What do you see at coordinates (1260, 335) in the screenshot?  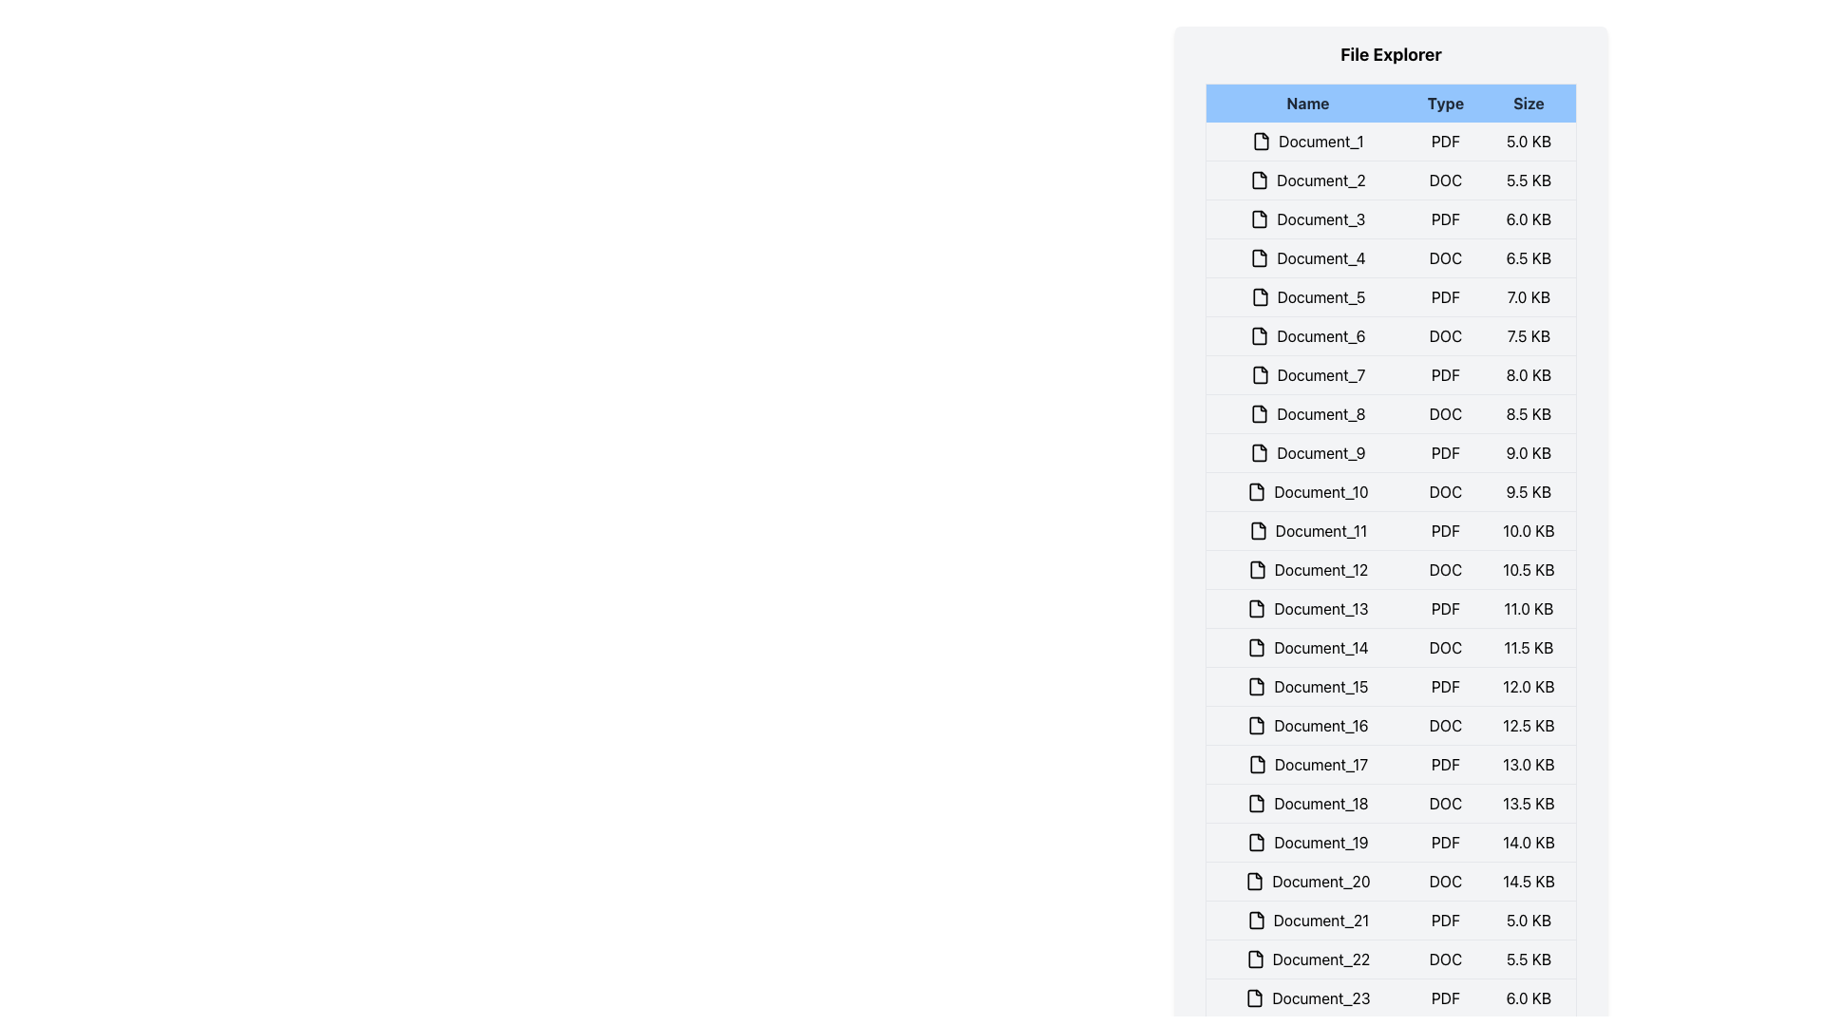 I see `the document icon located in the 'Name' column of the 'File Explorer' interface, specifically in the row labeled 'Document_6'` at bounding box center [1260, 335].